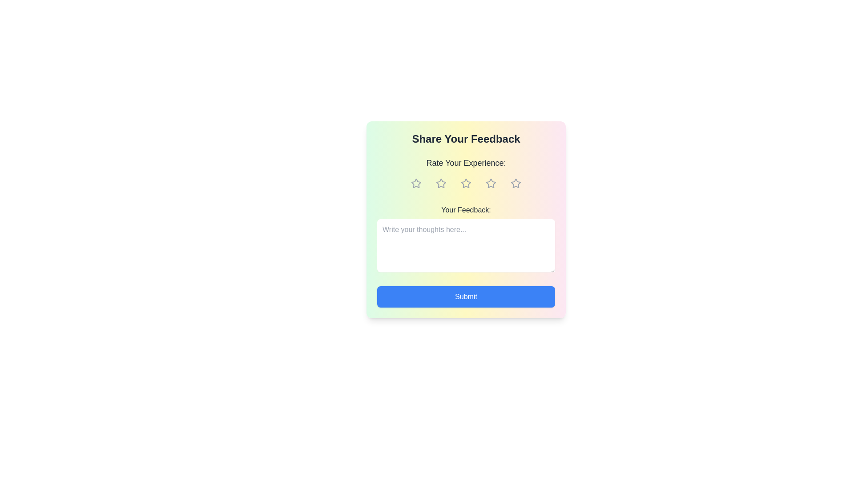  Describe the element at coordinates (465, 139) in the screenshot. I see `the text label or heading at the top of the feedback form, which indicates the purpose of the form` at that location.